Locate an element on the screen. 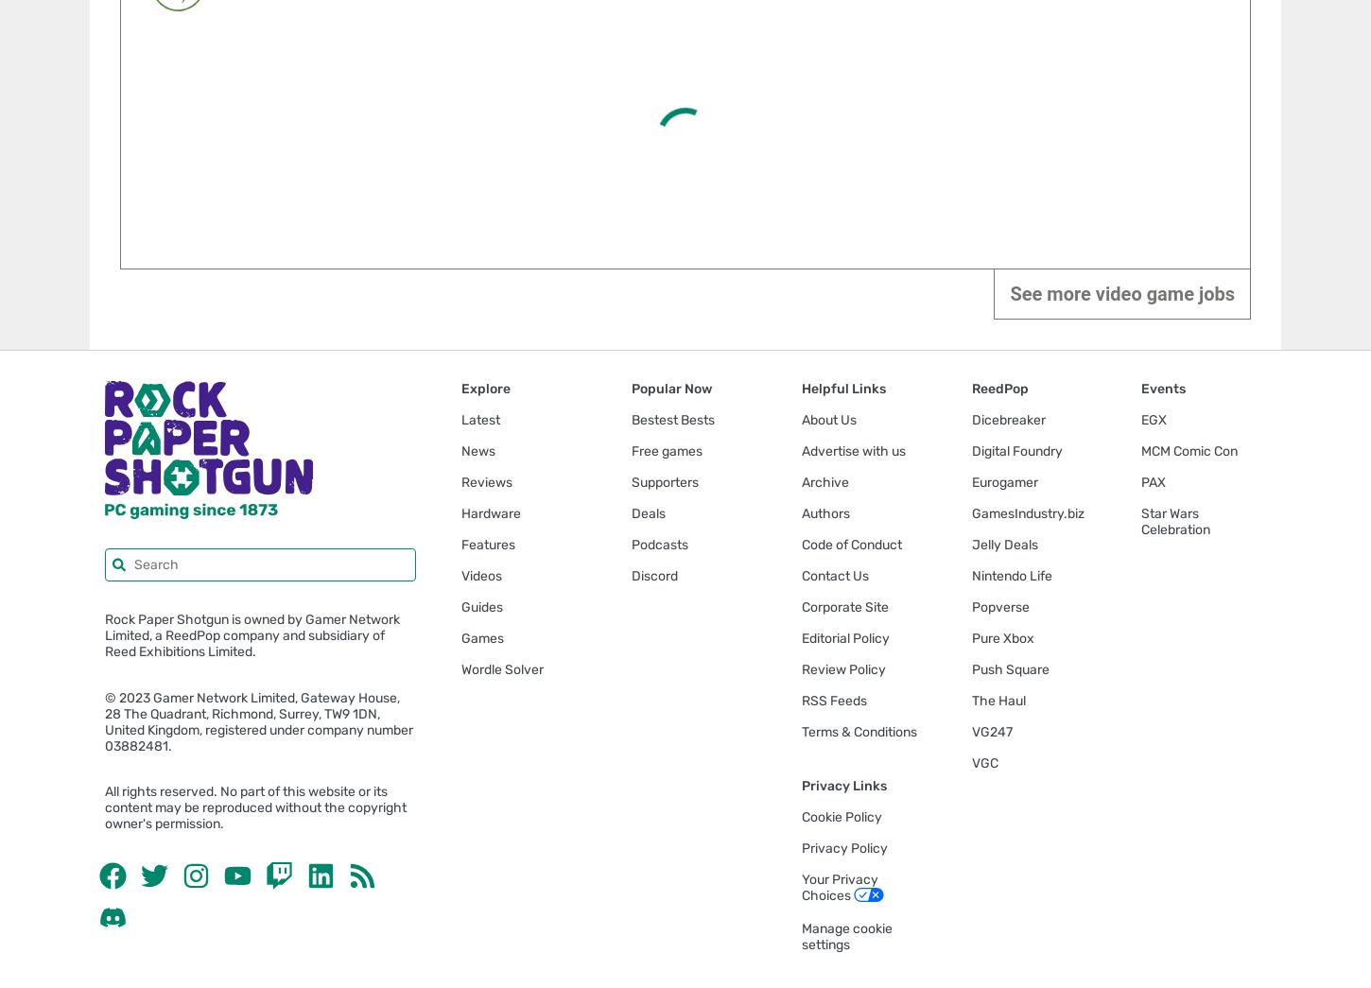  'Manage cookie settings' is located at coordinates (844, 936).